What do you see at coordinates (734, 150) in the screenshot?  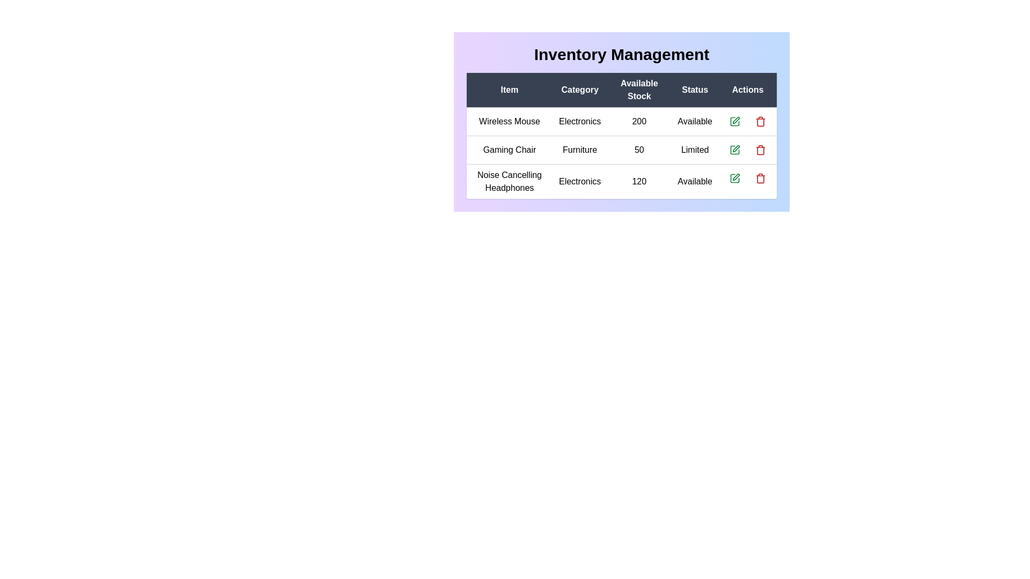 I see `the edit button for the item 'Gaming Chair'` at bounding box center [734, 150].